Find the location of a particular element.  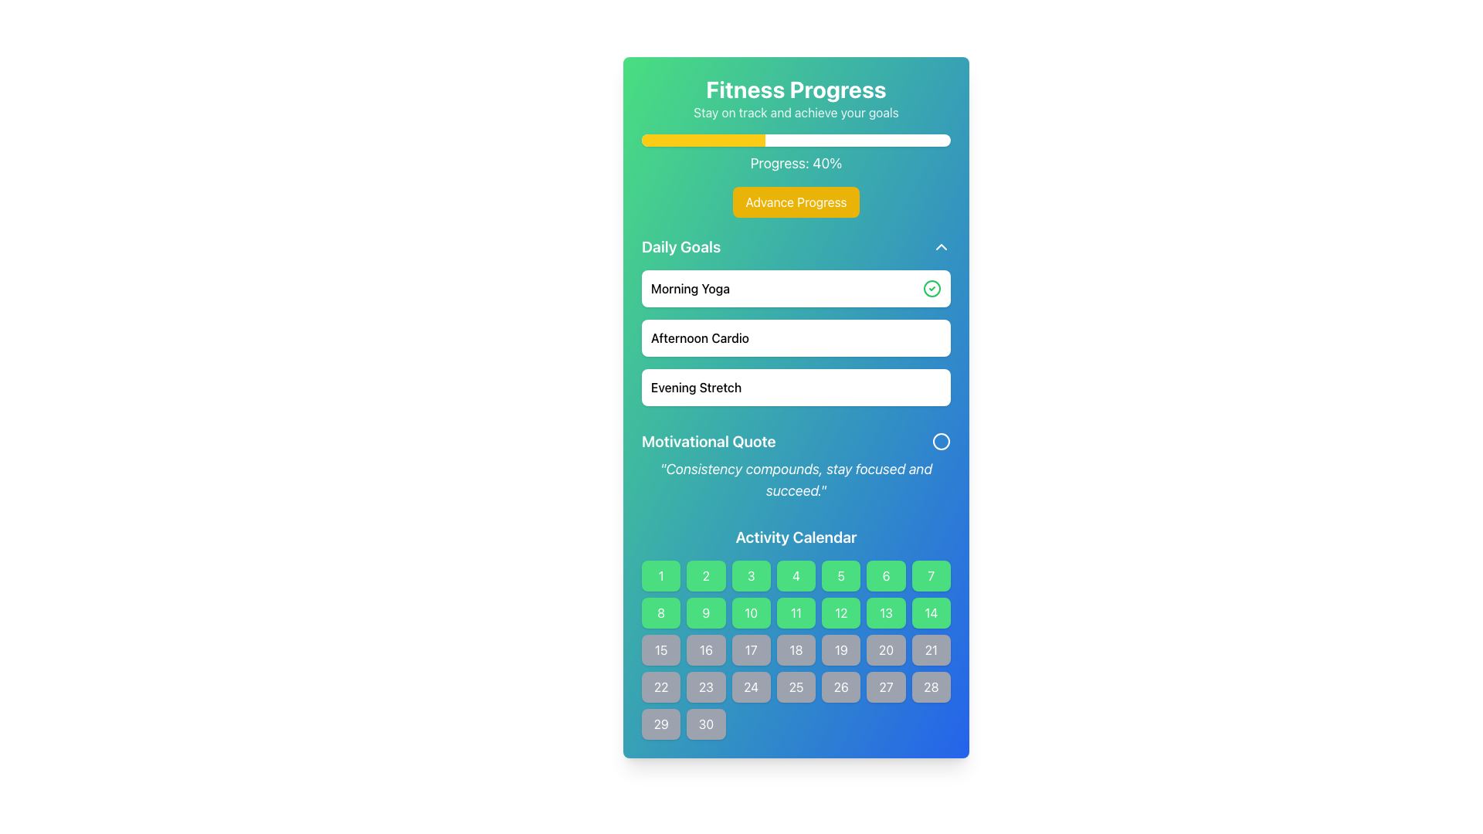

the non-interactive calendar day button representing the 24th day of the month, located in the fourth row and third column of the grid is located at coordinates (751, 687).